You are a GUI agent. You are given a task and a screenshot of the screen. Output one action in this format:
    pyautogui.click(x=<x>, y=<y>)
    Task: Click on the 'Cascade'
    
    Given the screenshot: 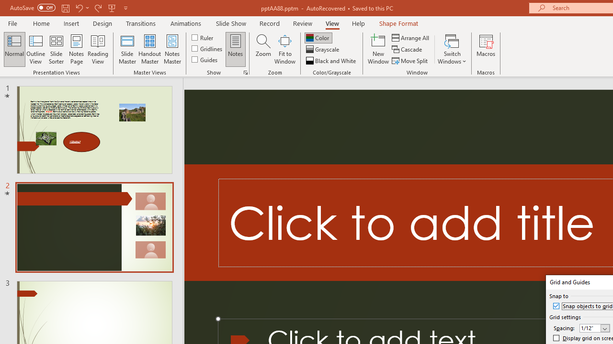 What is the action you would take?
    pyautogui.click(x=408, y=49)
    